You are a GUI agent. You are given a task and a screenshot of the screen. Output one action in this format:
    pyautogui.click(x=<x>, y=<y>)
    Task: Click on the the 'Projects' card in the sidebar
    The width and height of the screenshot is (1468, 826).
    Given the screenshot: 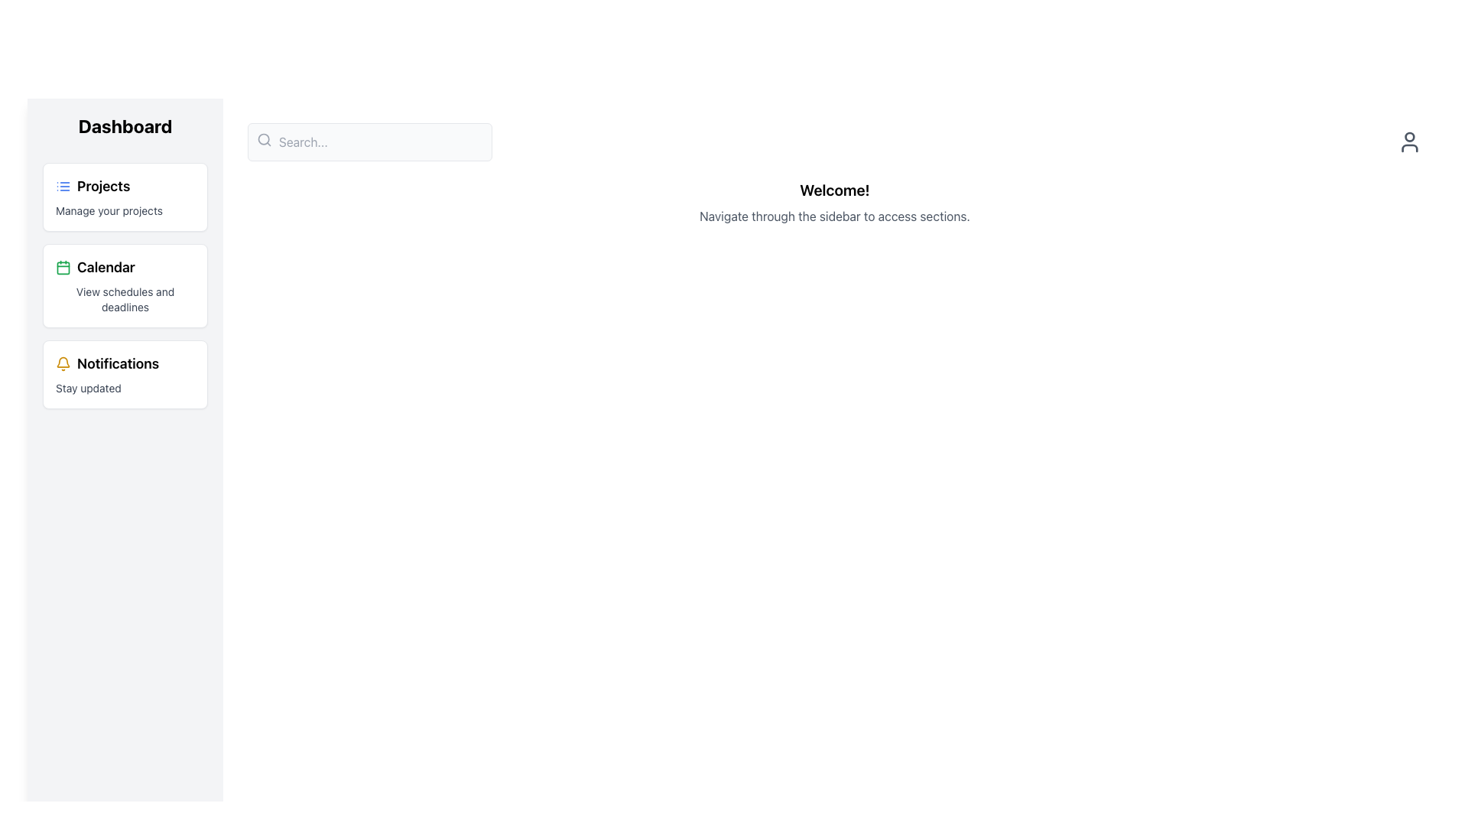 What is the action you would take?
    pyautogui.click(x=125, y=197)
    